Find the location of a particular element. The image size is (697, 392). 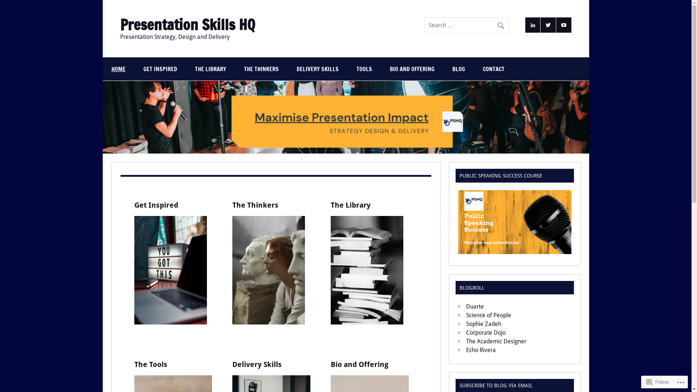

'The Library' is located at coordinates (350, 205).